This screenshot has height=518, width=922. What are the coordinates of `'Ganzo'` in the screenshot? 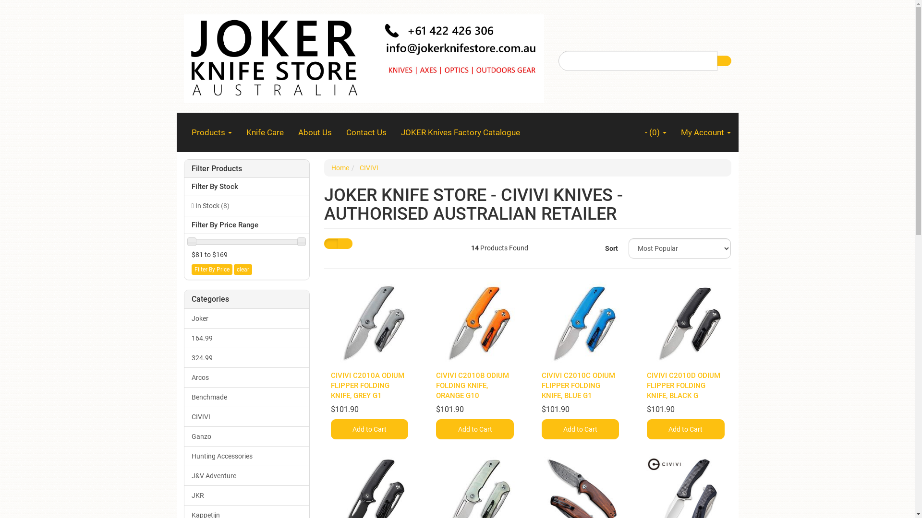 It's located at (184, 436).